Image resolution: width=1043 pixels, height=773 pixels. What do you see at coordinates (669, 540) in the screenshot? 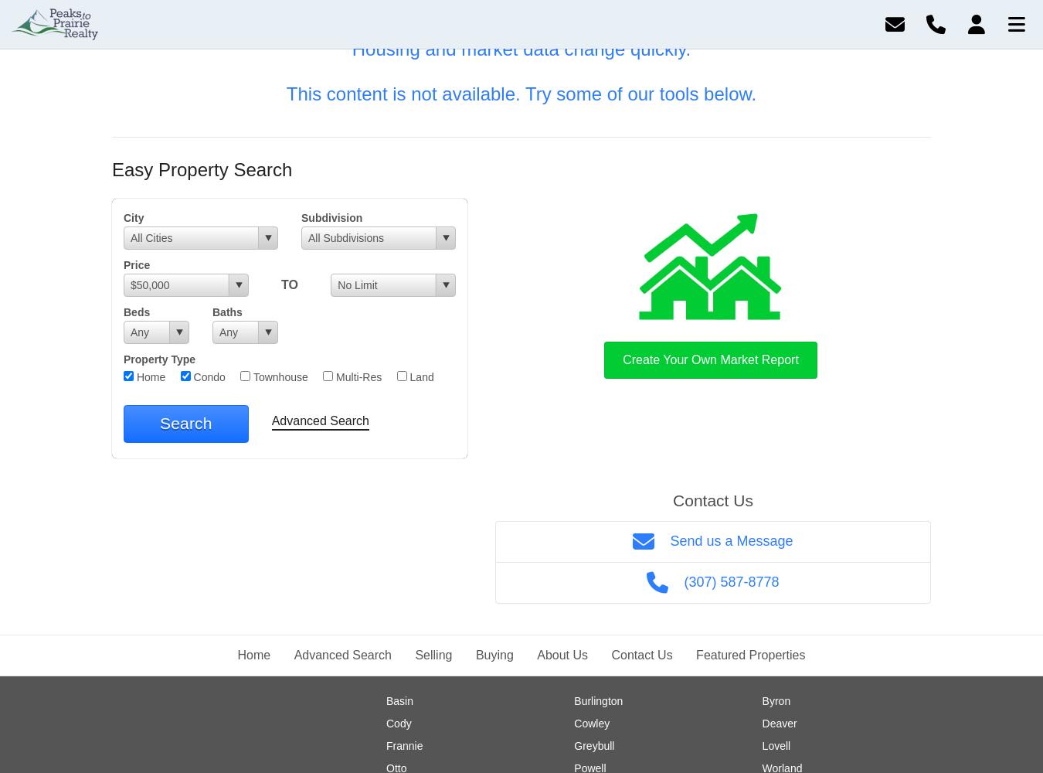
I see `'Send us a Message'` at bounding box center [669, 540].